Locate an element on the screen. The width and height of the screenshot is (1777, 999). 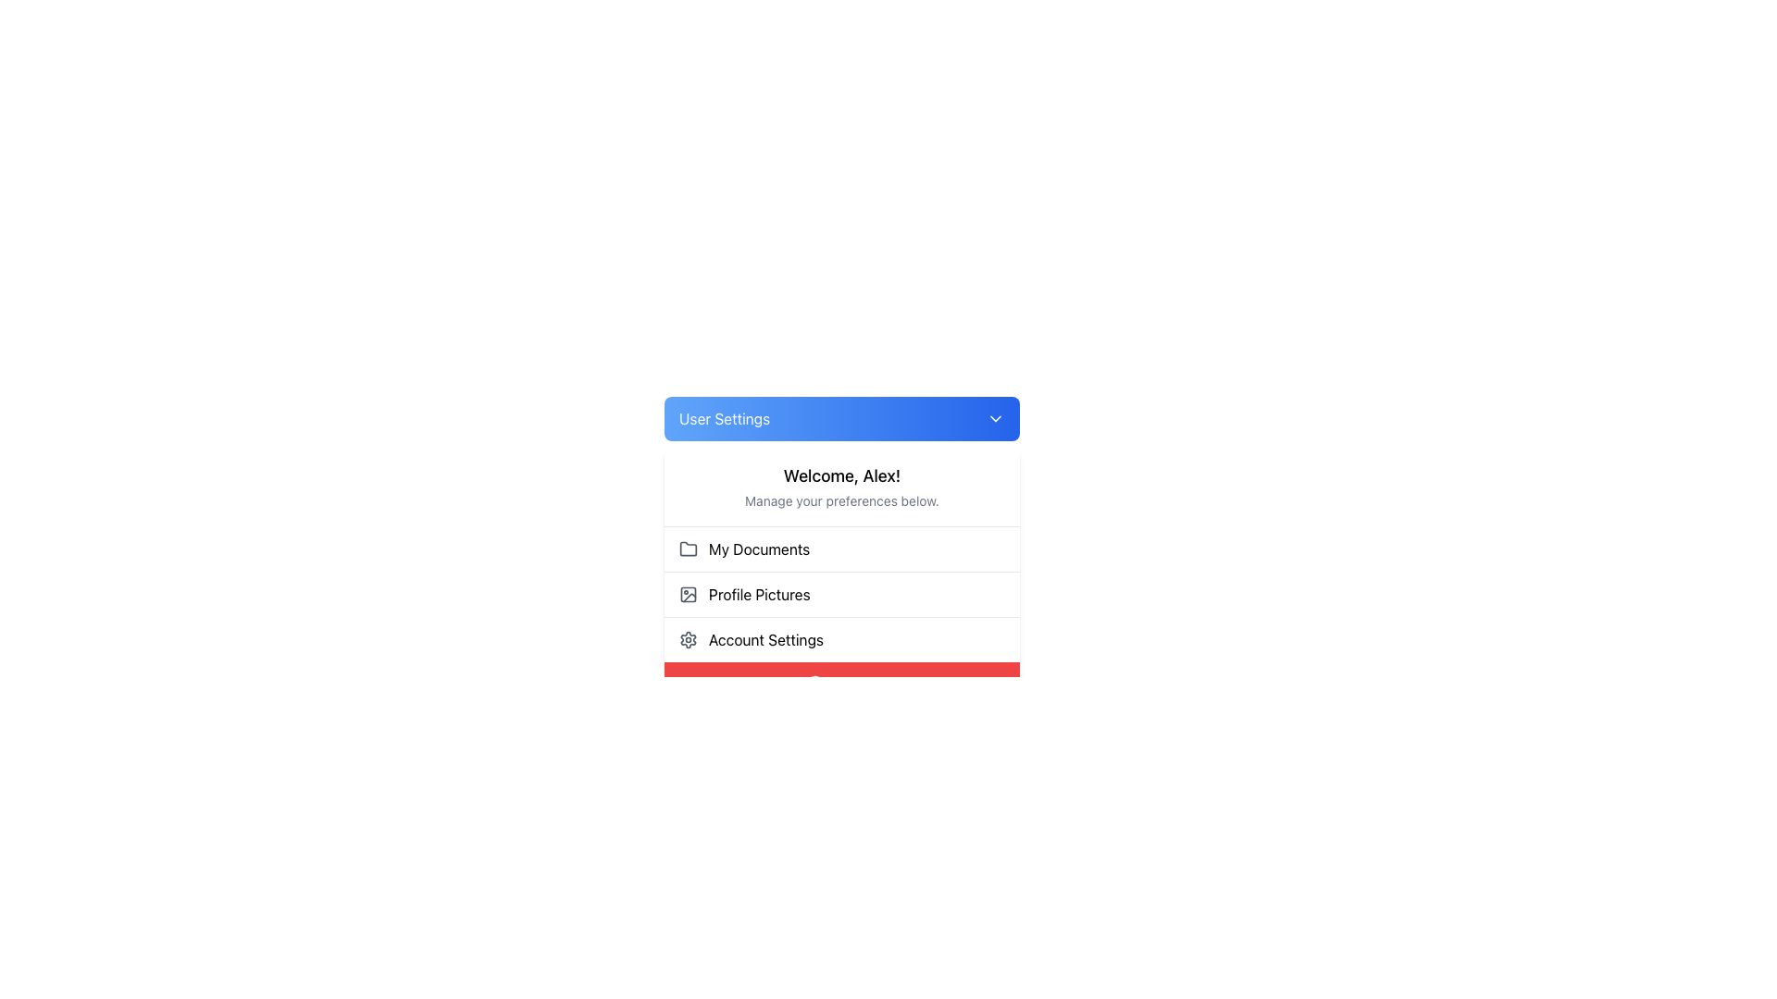
the gear-shaped icon associated with 'Account Settings' is located at coordinates (688, 638).